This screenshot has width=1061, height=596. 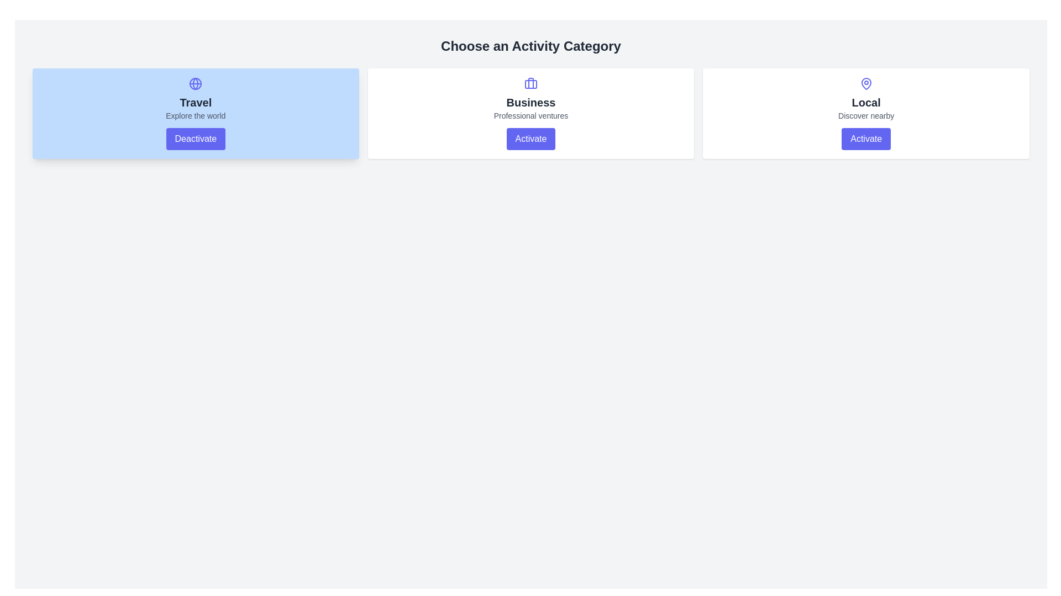 What do you see at coordinates (530, 115) in the screenshot?
I see `the text label that reads 'Professional ventures', which is displayed in a small-sized, gray-colored font beneath the title 'Business' within the 'Business' card` at bounding box center [530, 115].